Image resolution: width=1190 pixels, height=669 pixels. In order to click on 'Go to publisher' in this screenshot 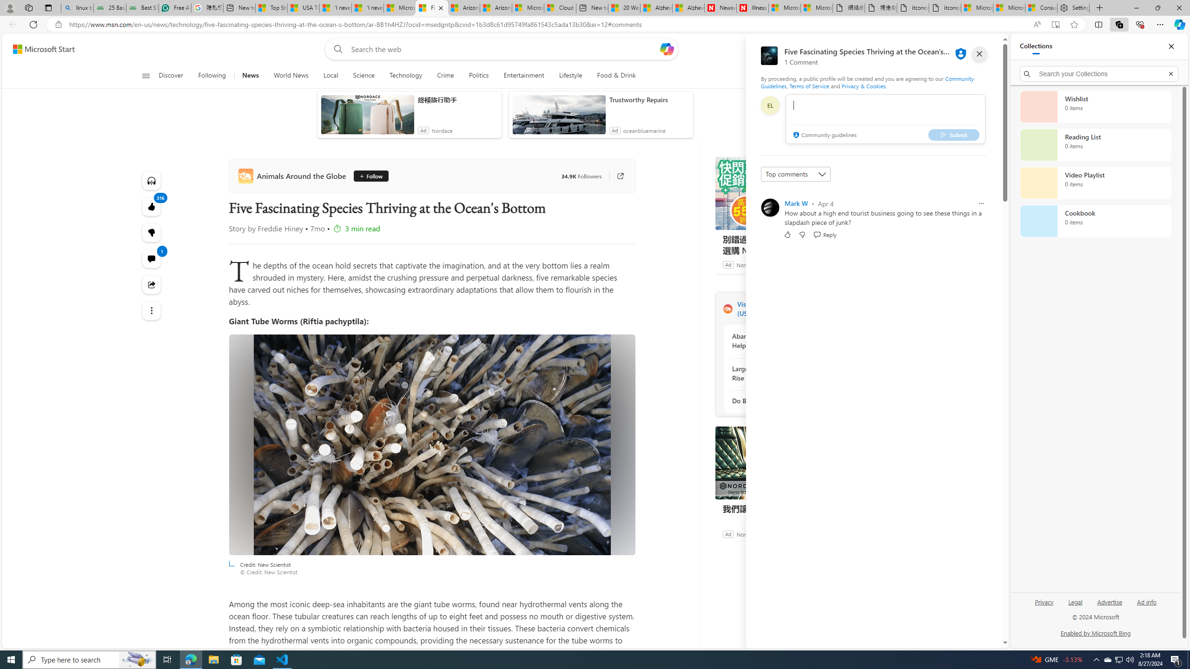, I will do `click(615, 176)`.